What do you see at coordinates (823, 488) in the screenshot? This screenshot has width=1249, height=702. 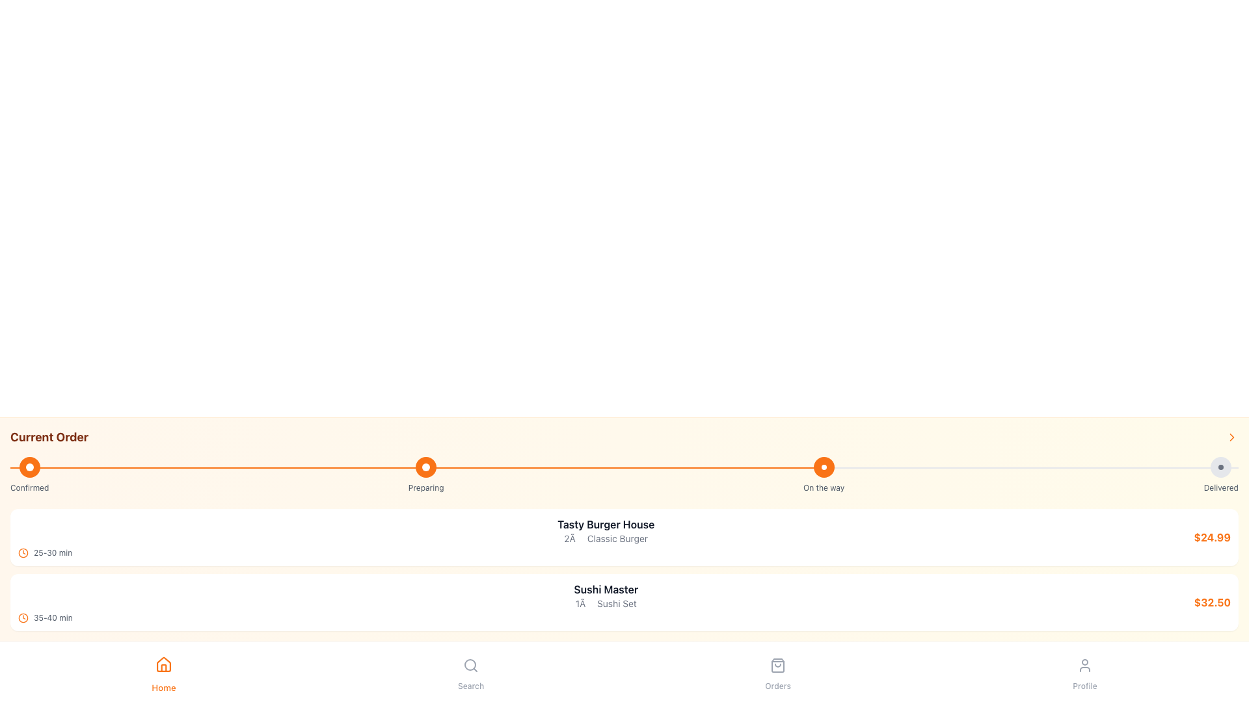 I see `the static text label that reads 'On the way,' which is located below the third orange circular marker on the progress bar` at bounding box center [823, 488].